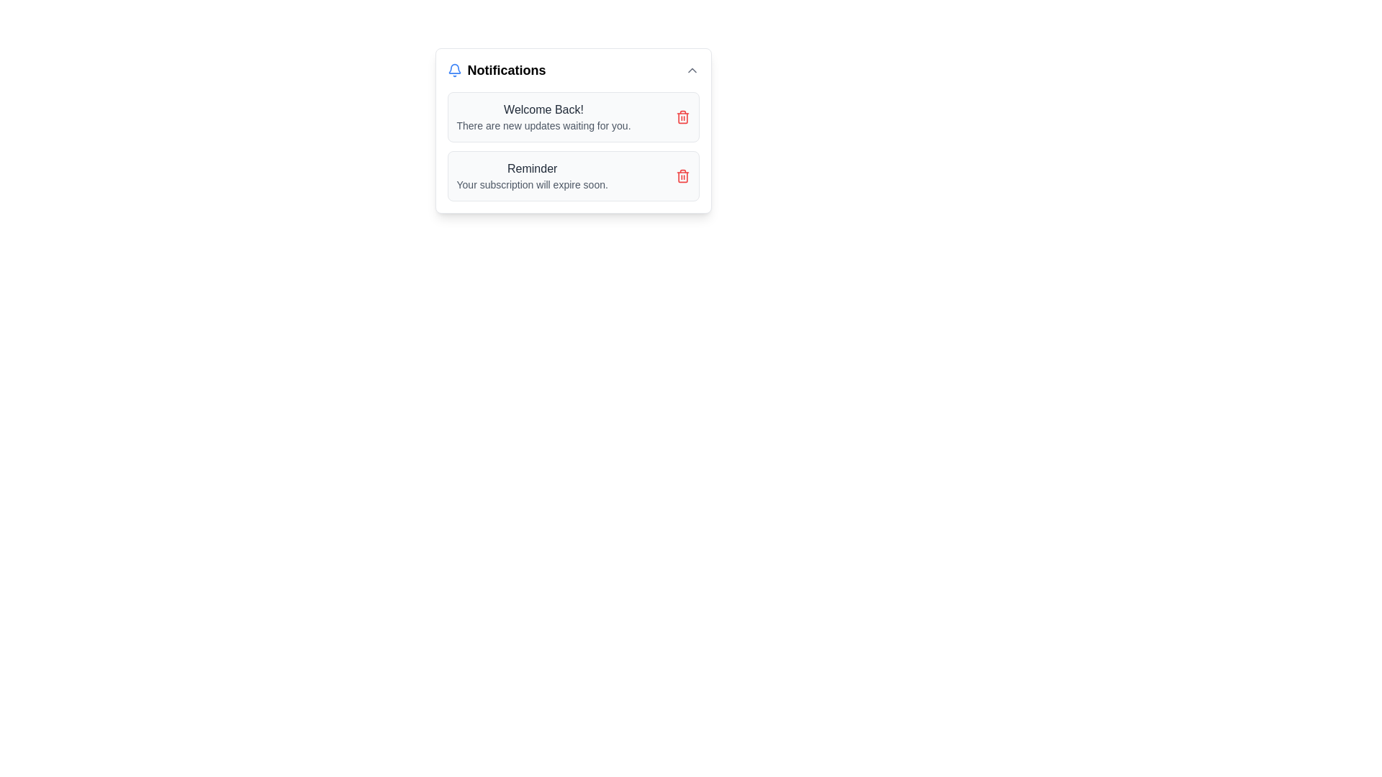 This screenshot has width=1382, height=777. Describe the element at coordinates (453, 70) in the screenshot. I see `the notification icon located to the left of the text 'Notifications'` at that location.